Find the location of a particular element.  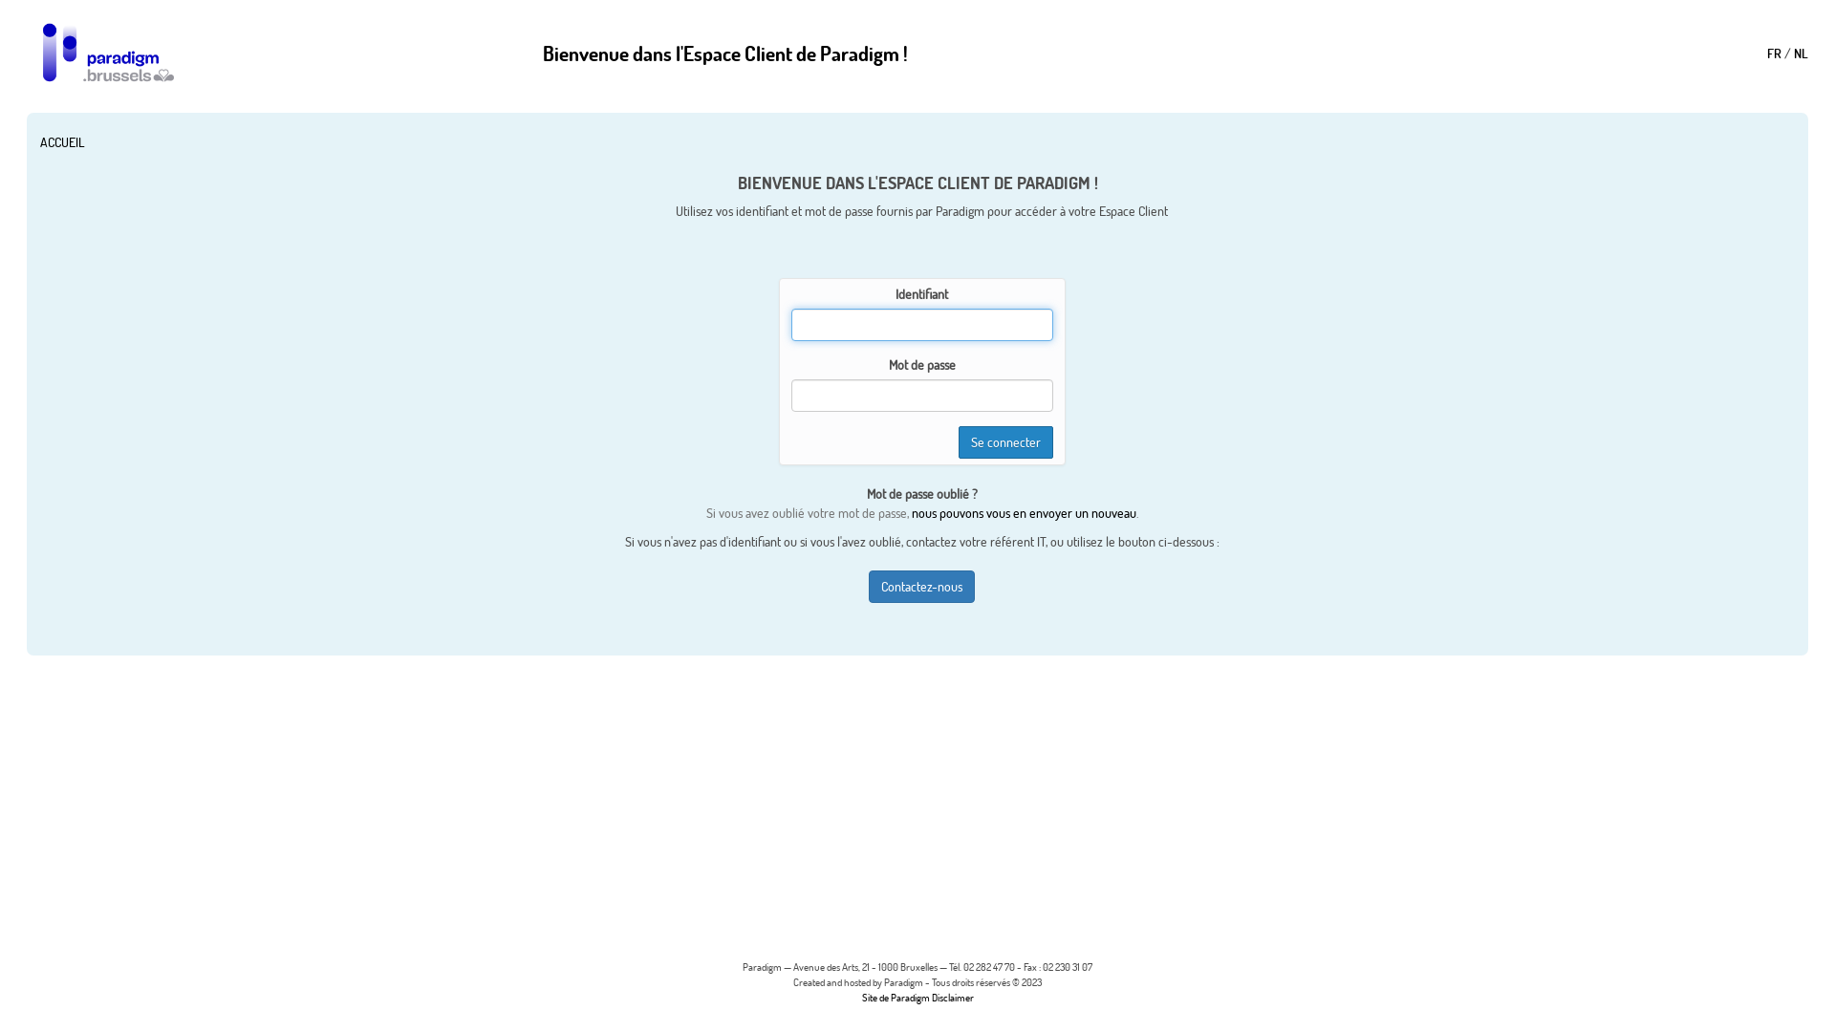

'Bienvenue dans l'Espace Client de Paradigm !' is located at coordinates (723, 51).